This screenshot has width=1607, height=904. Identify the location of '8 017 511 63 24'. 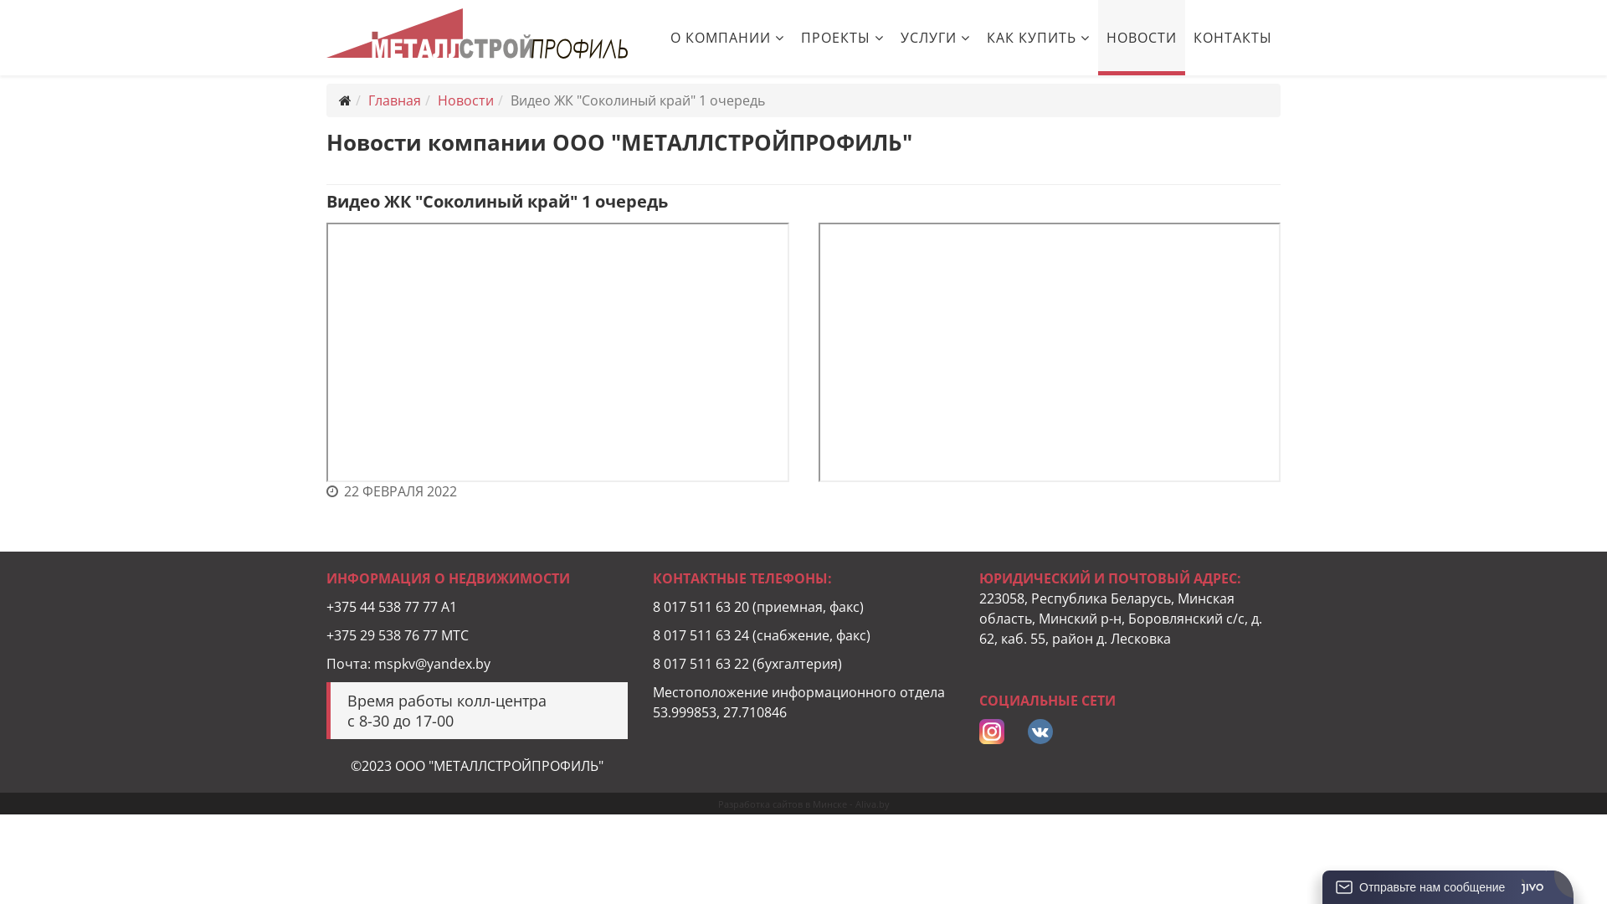
(651, 635).